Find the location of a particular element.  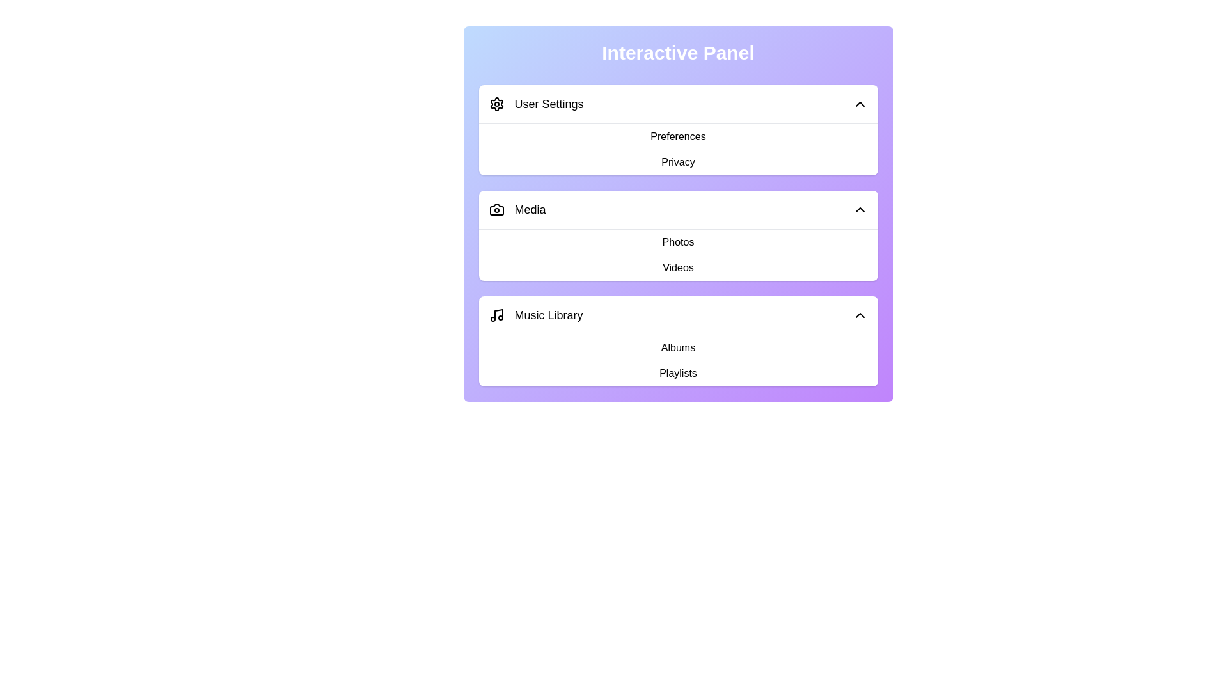

the item Playlists from the section Music Library is located at coordinates (512, 352).